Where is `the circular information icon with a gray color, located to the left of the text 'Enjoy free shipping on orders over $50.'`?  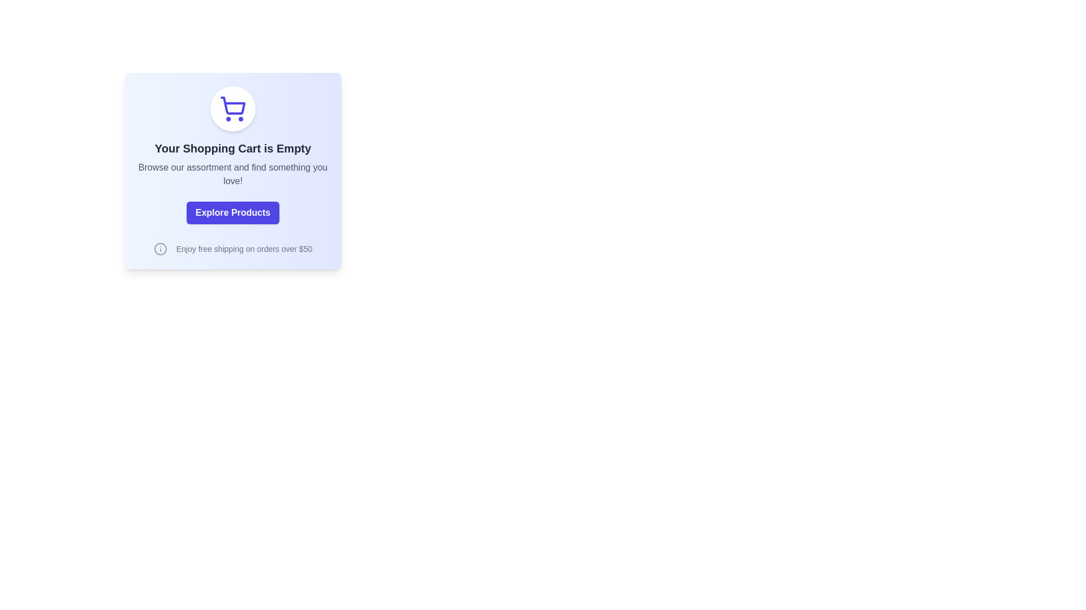
the circular information icon with a gray color, located to the left of the text 'Enjoy free shipping on orders over $50.' is located at coordinates (160, 248).